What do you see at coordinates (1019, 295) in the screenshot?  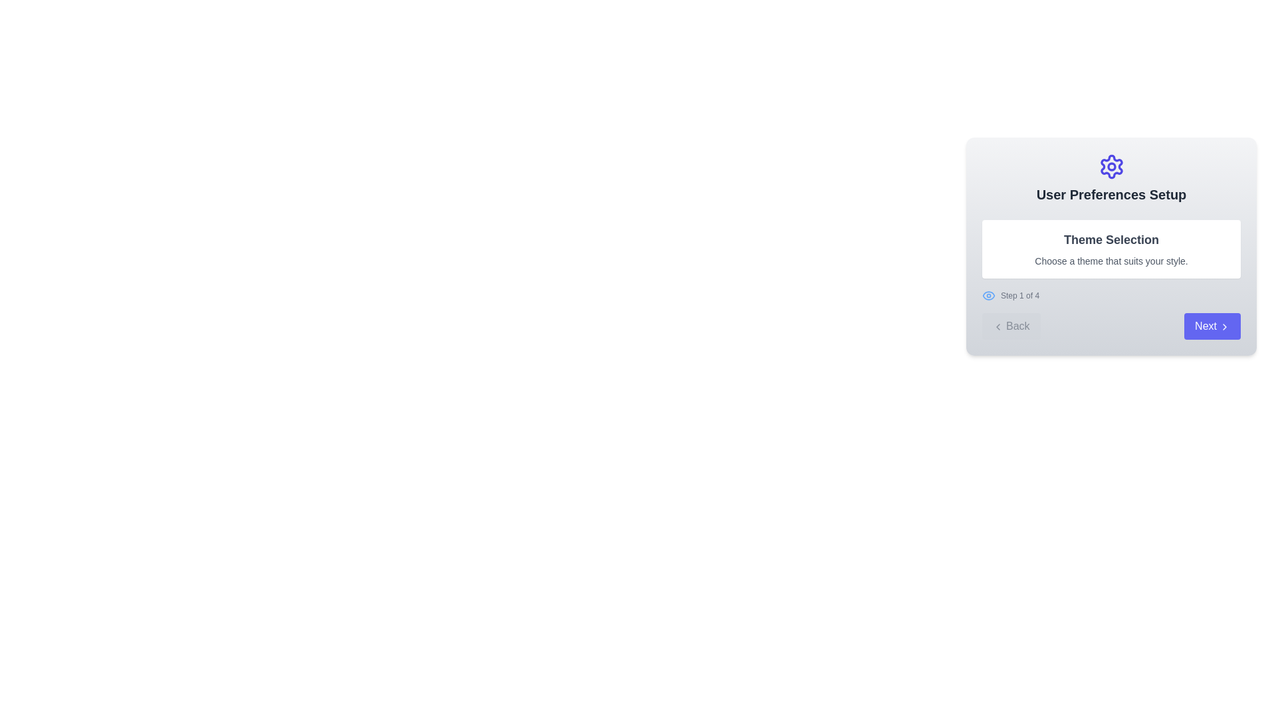 I see `the progress indicator label that informs the user they are on the first step of the four-step process in 'User Preferences Setup', located to the right of the blue eye icon` at bounding box center [1019, 295].